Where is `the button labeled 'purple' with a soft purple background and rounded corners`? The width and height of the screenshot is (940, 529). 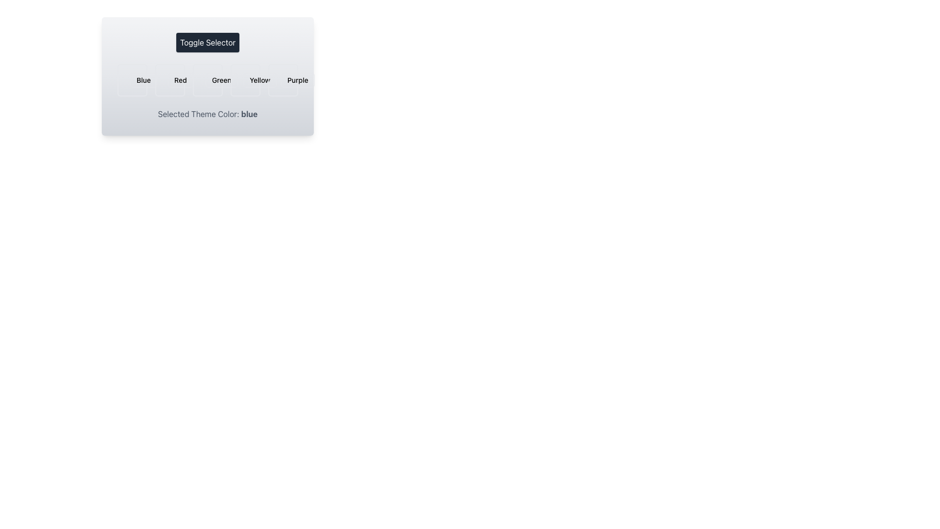
the button labeled 'purple' with a soft purple background and rounded corners is located at coordinates (282, 80).